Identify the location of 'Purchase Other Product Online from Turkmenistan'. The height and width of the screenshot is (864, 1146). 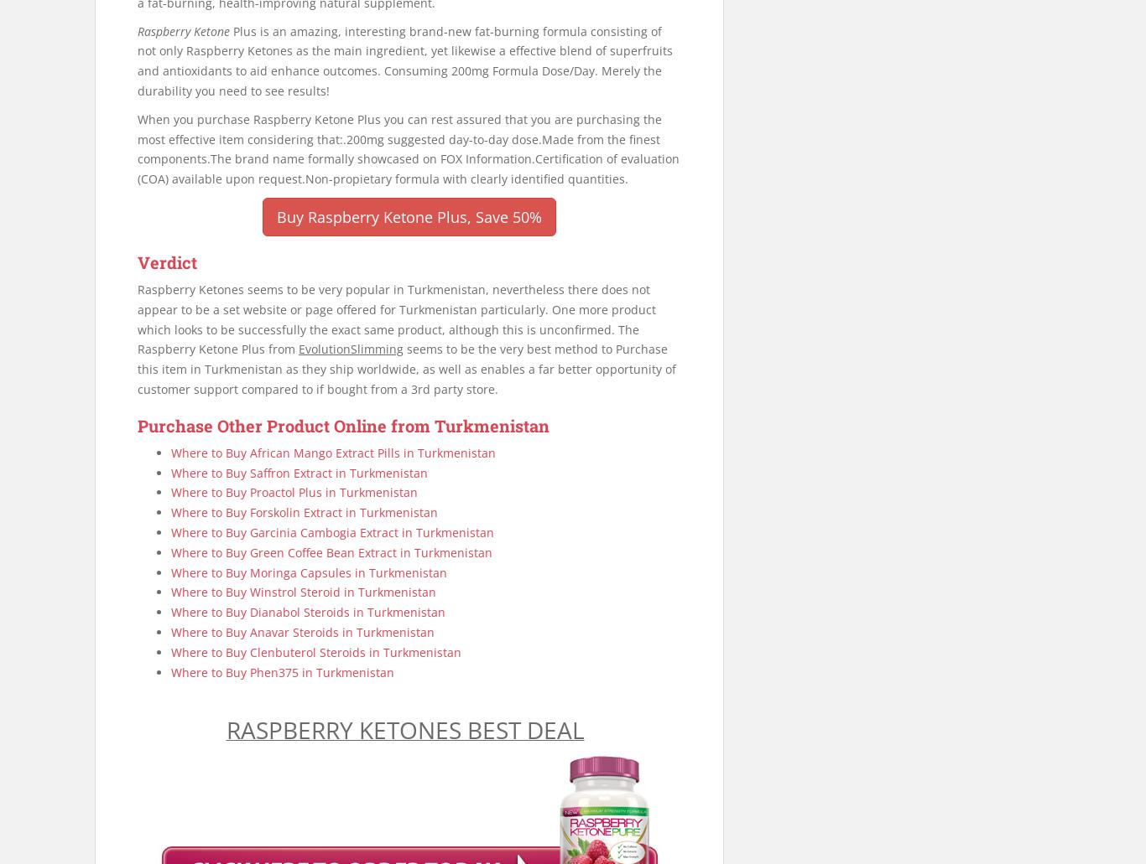
(342, 425).